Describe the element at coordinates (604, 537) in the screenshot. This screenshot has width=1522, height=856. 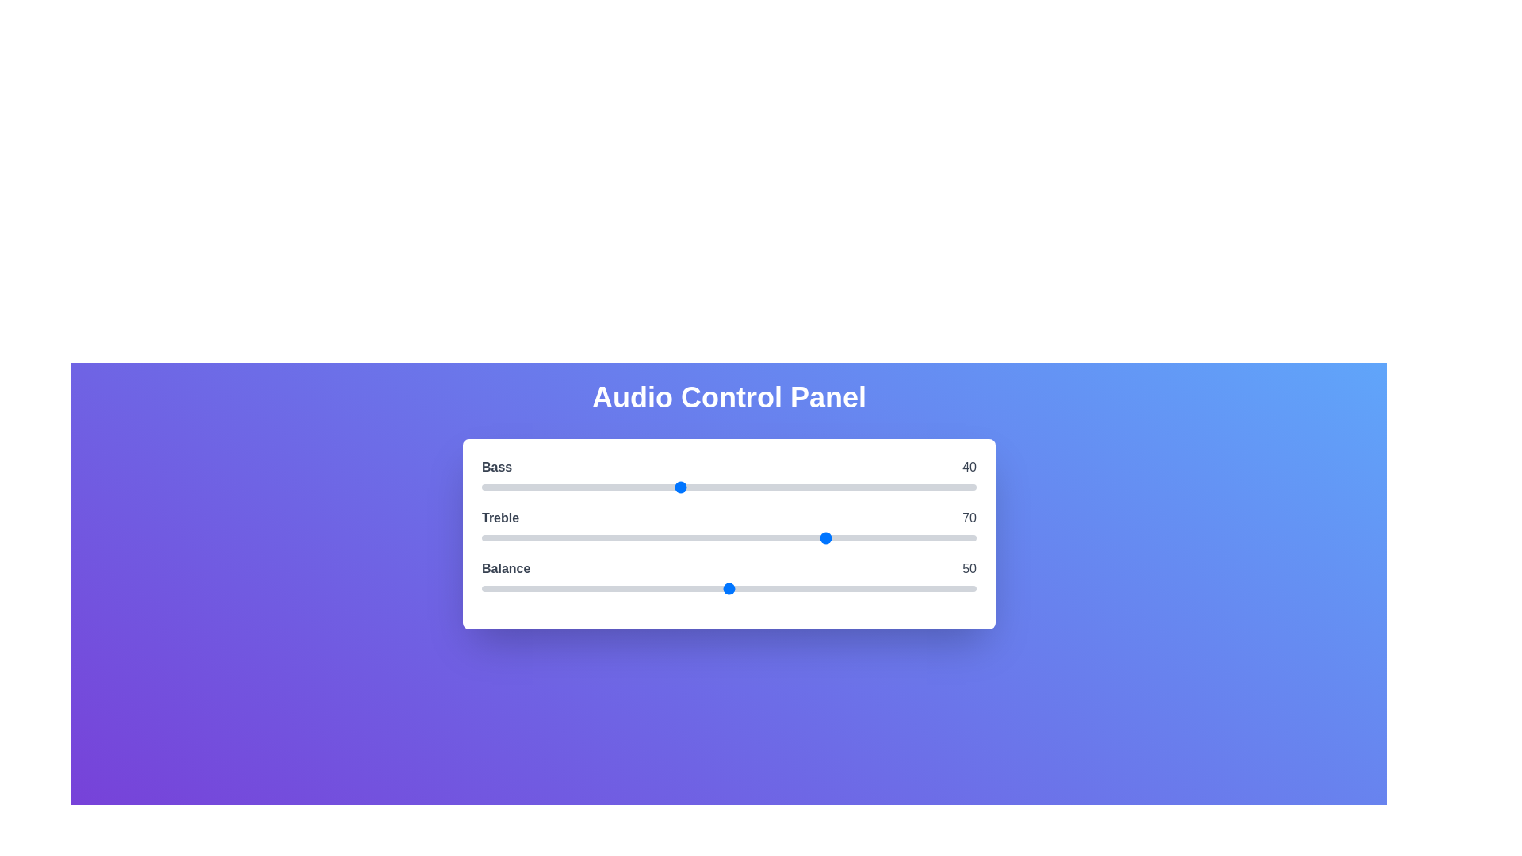
I see `the 1 slider to 25` at that location.